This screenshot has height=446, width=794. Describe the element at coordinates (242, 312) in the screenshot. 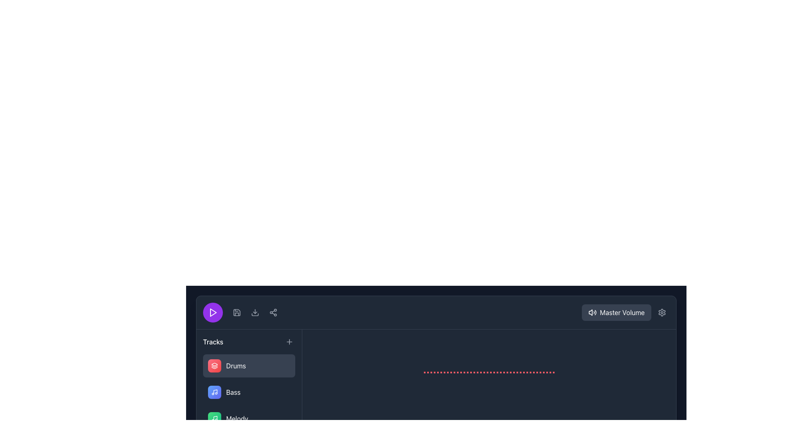

I see `the share button located in the button cluster for playback, saving, downloading, and sharing functionality, which is found in the upper left part of the horizontal bar labeled 'Master Volume'` at that location.